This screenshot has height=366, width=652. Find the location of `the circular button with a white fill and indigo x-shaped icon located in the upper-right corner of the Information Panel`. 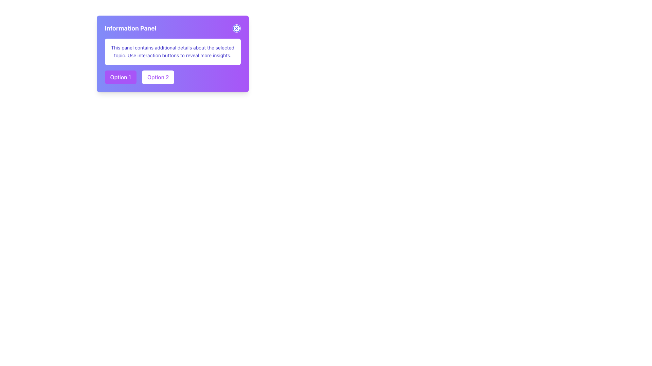

the circular button with a white fill and indigo x-shaped icon located in the upper-right corner of the Information Panel is located at coordinates (236, 28).